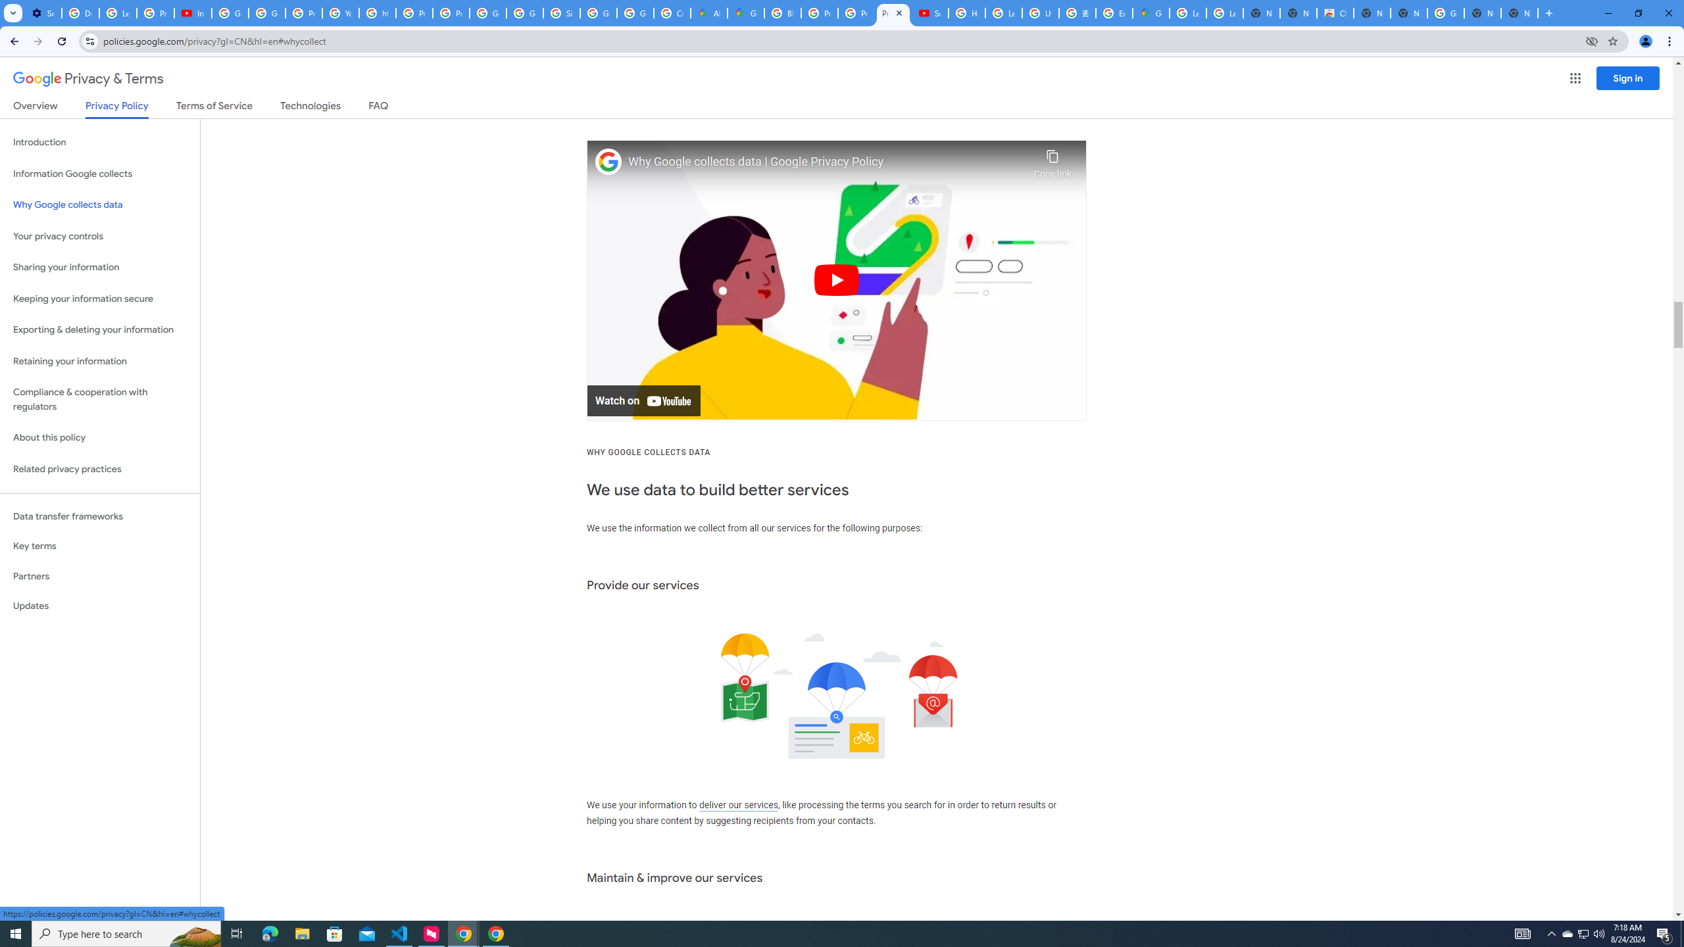 The width and height of the screenshot is (1684, 947). What do you see at coordinates (99, 204) in the screenshot?
I see `'Why Google collects data'` at bounding box center [99, 204].